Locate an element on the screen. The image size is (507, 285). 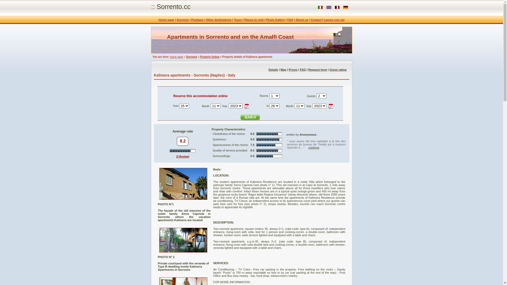
'Guest rating' is located at coordinates (338, 69).